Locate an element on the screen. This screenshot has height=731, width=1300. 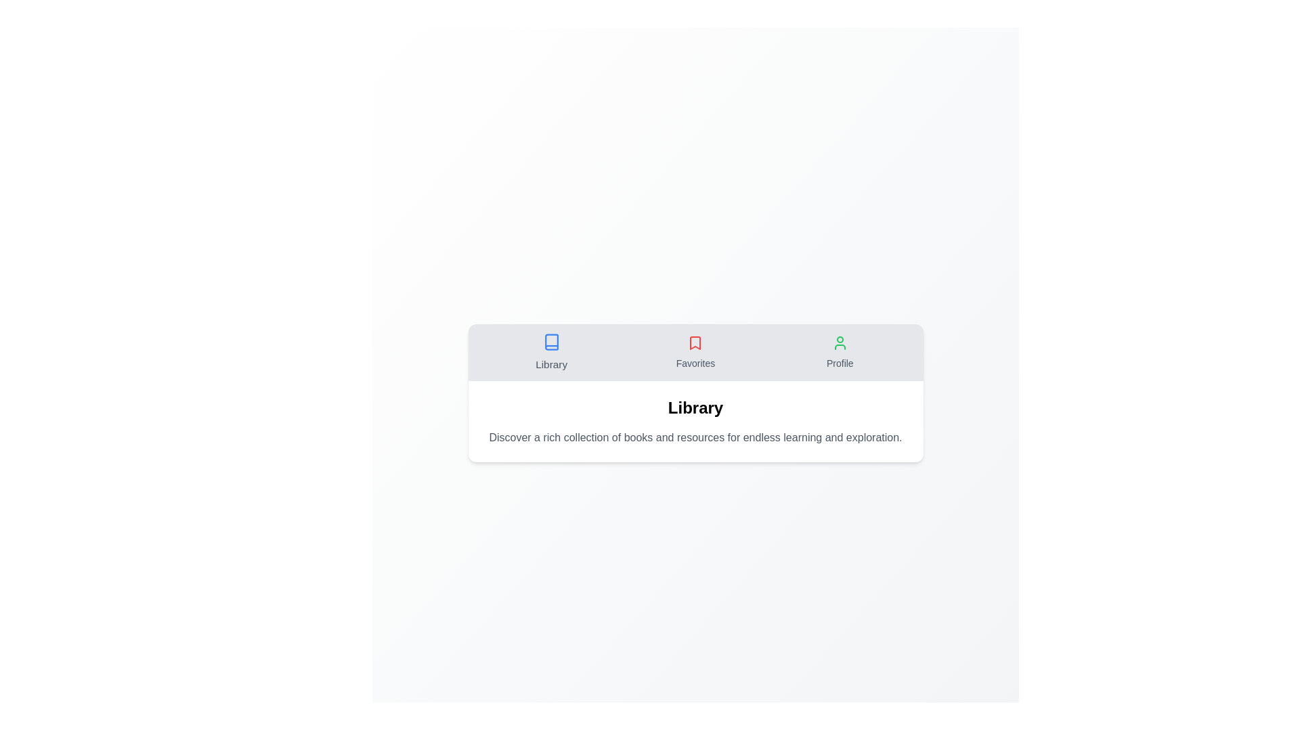
the tab labeled Profile is located at coordinates (838, 351).